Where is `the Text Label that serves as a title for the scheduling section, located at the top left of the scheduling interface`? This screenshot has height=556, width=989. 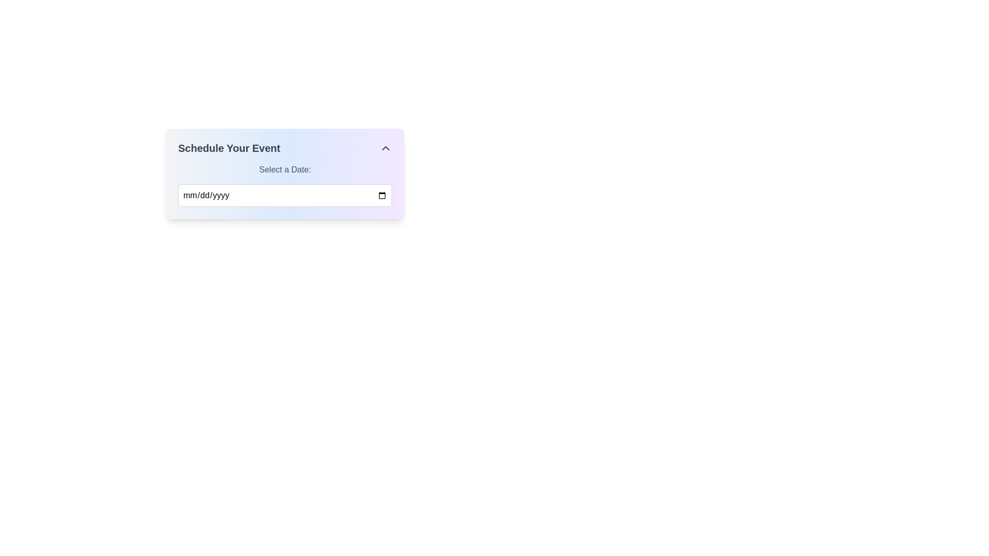 the Text Label that serves as a title for the scheduling section, located at the top left of the scheduling interface is located at coordinates (229, 148).